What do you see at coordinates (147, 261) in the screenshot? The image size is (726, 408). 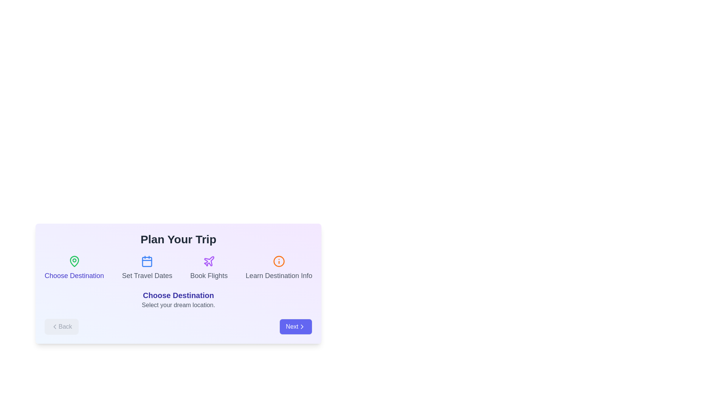 I see `the calendar icon by clicking on its graphical icon component, which is centrally located beneath the 'Set Travel Dates' text` at bounding box center [147, 261].